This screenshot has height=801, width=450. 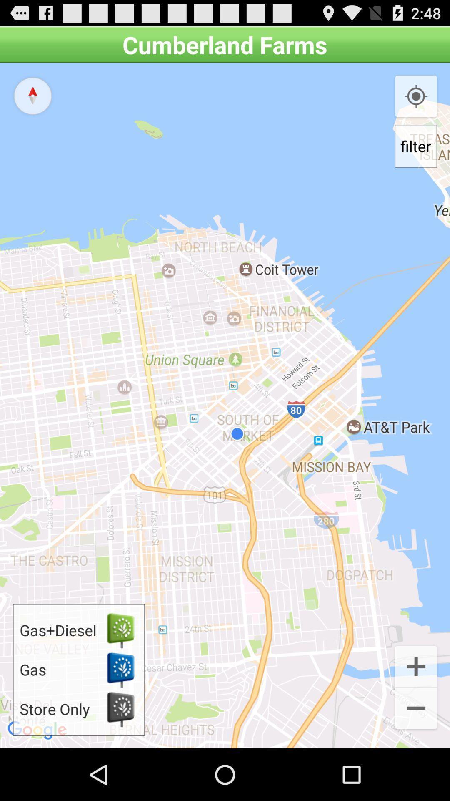 I want to click on filter icon, so click(x=416, y=146).